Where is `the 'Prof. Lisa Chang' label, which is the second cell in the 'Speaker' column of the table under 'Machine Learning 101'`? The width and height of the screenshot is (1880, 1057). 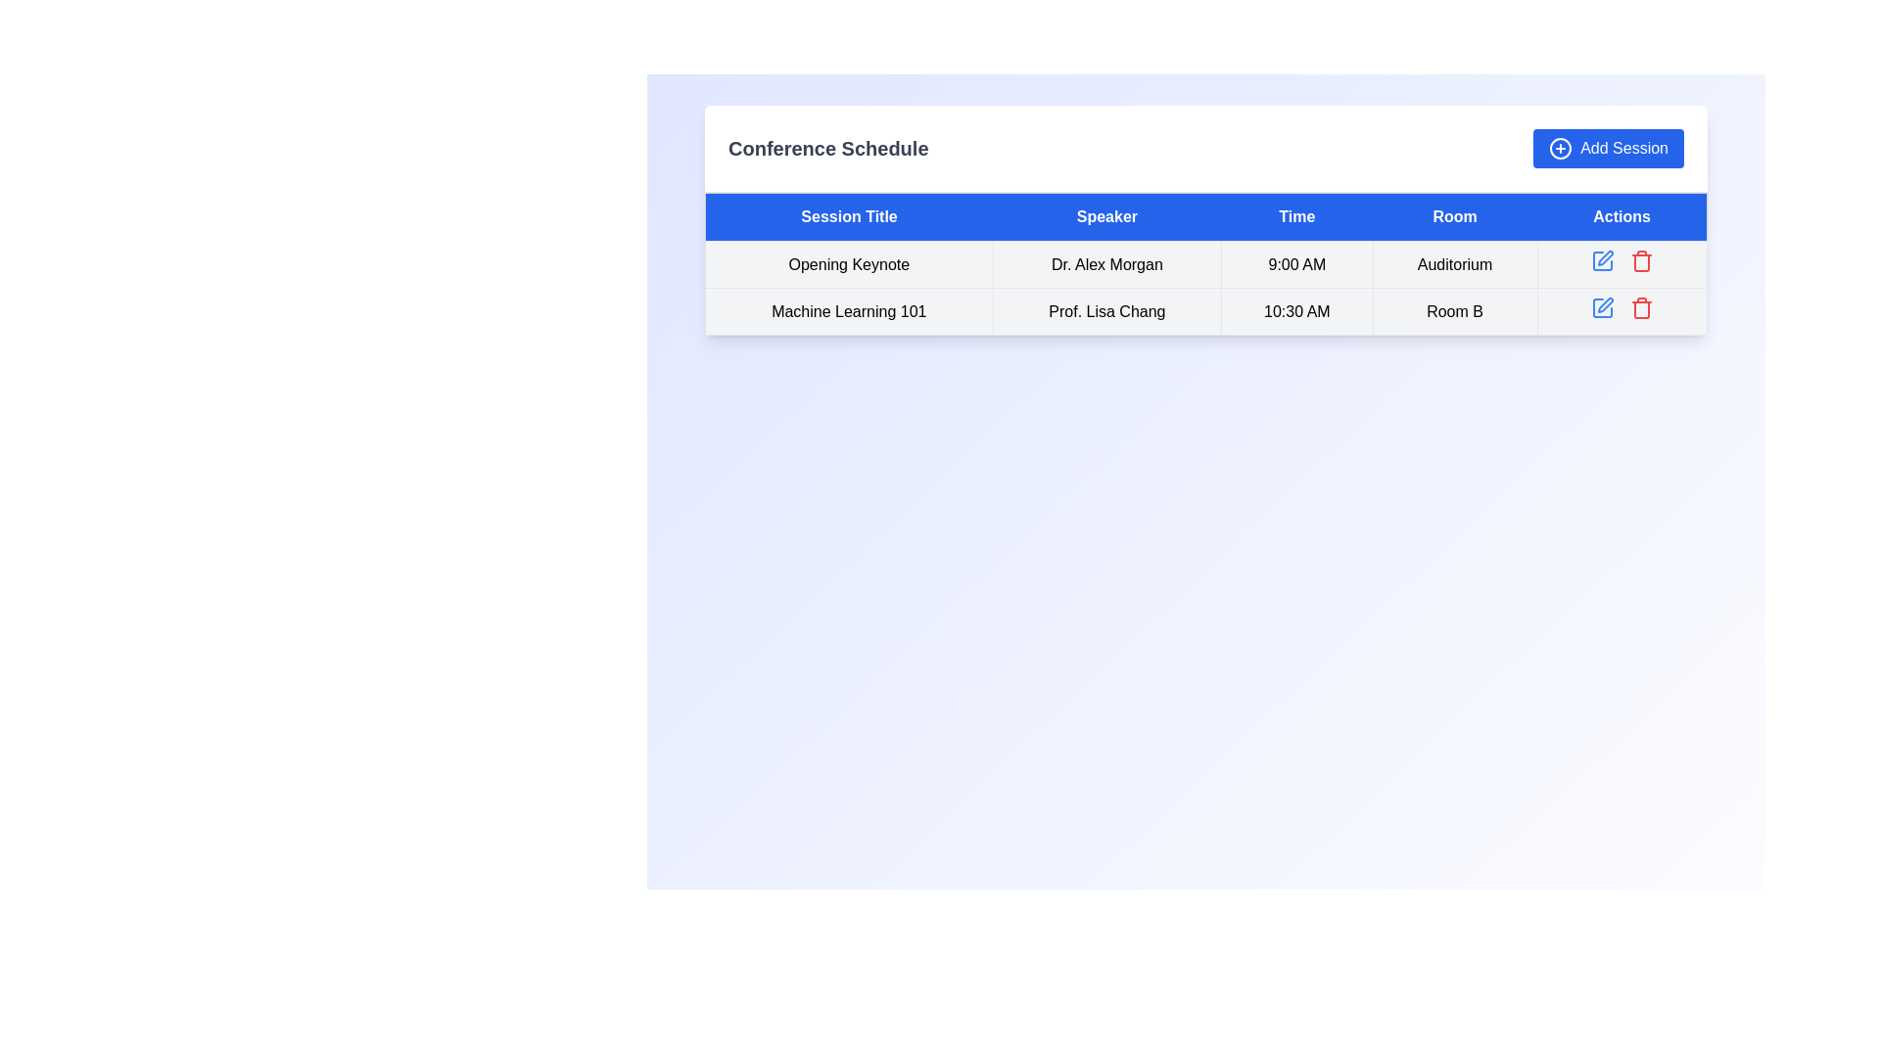
the 'Prof. Lisa Chang' label, which is the second cell in the 'Speaker' column of the table under 'Machine Learning 101' is located at coordinates (1106, 310).